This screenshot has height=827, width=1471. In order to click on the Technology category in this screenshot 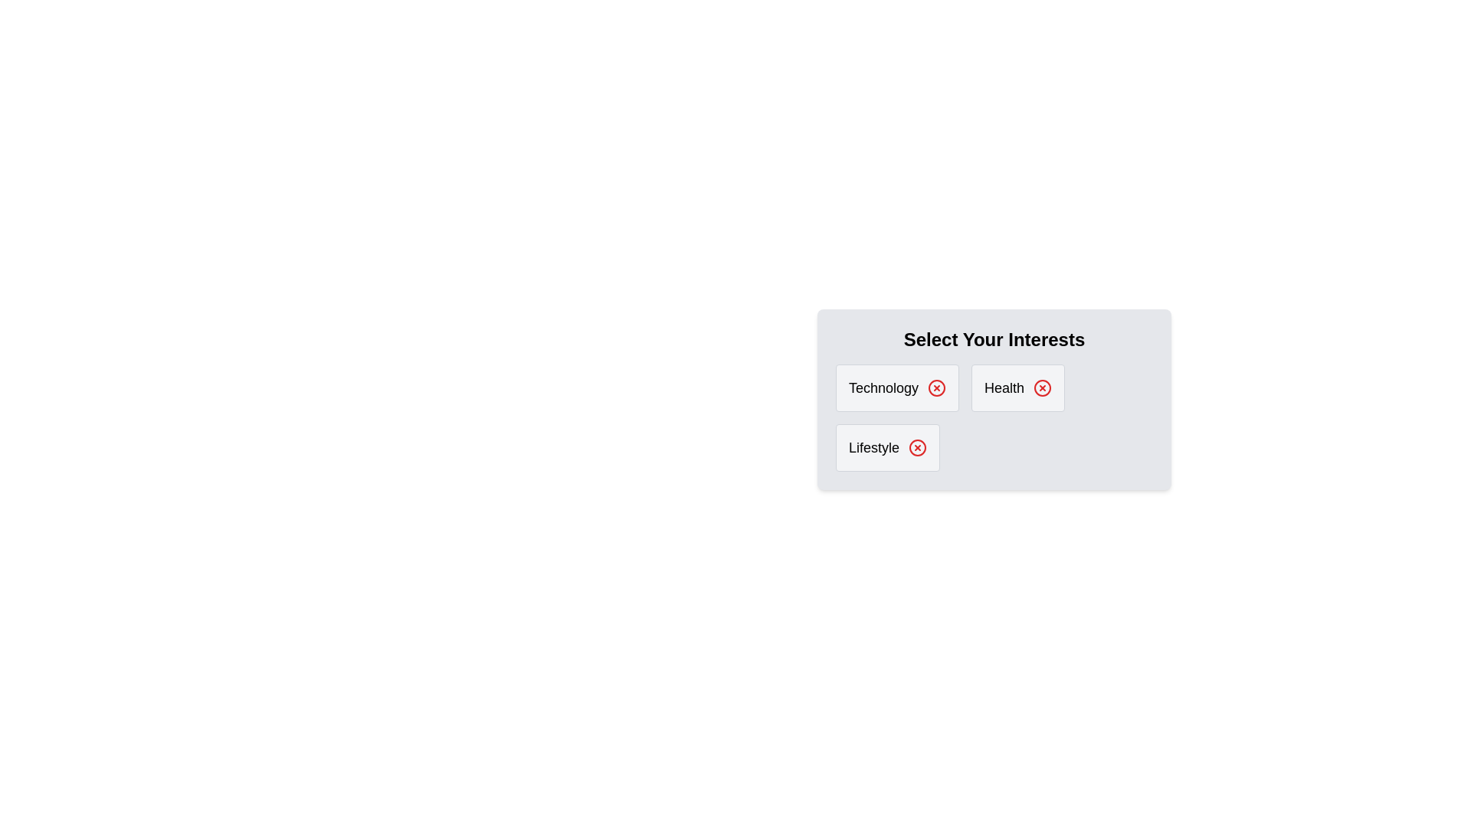, I will do `click(897, 387)`.